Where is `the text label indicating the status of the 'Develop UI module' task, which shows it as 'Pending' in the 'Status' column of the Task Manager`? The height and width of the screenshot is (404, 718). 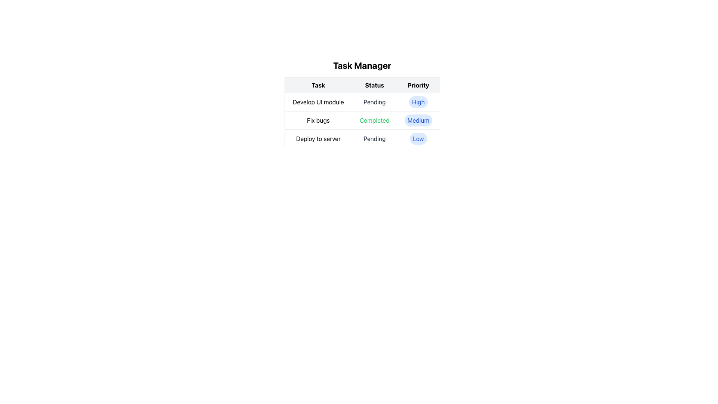
the text label indicating the status of the 'Develop UI module' task, which shows it as 'Pending' in the 'Status' column of the Task Manager is located at coordinates (374, 102).